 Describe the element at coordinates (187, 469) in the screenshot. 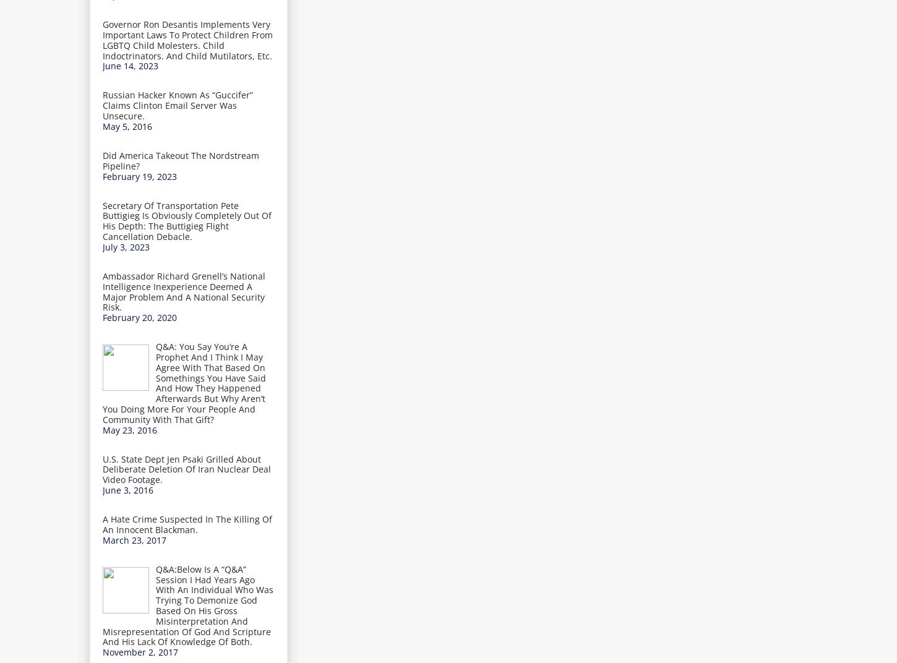

I see `'U.S. State Dept Jen Psaki Grilled About Deliberate Deletion Of Iran Nuclear Deal Video Footage.'` at that location.